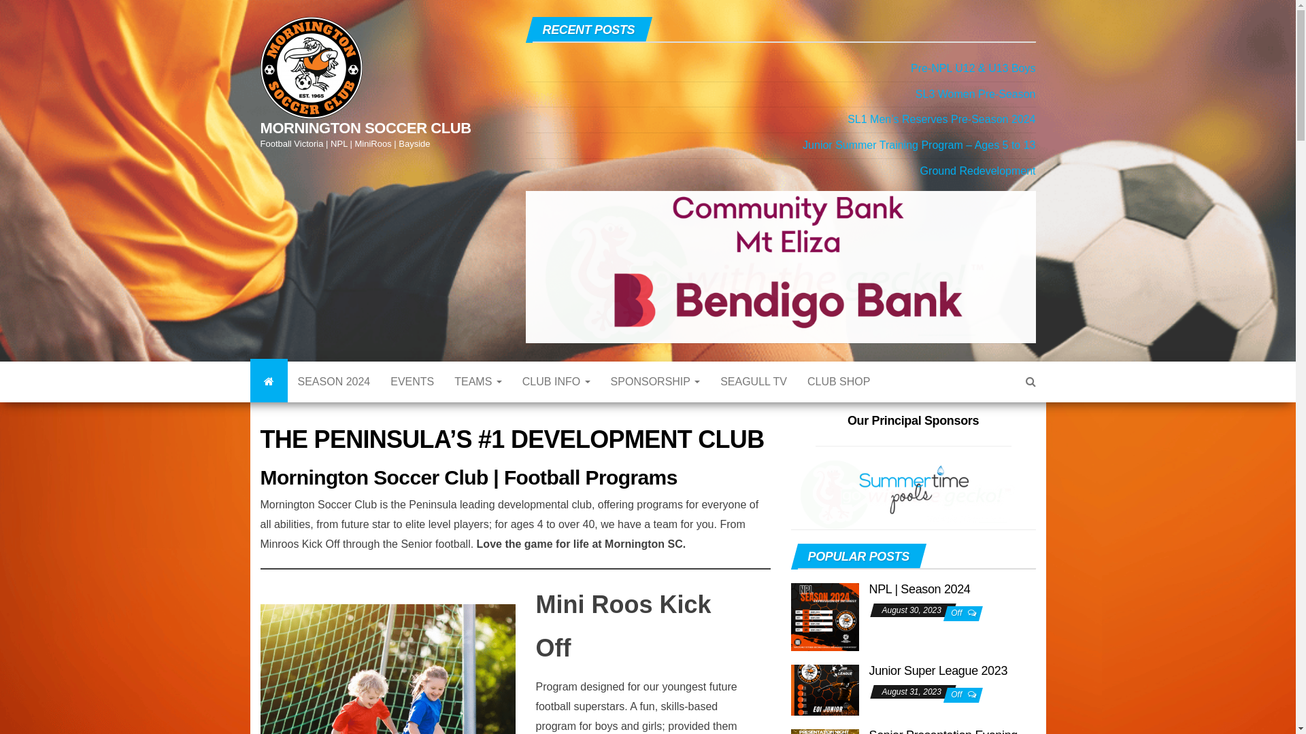 This screenshot has width=1306, height=734. Describe the element at coordinates (269, 400) in the screenshot. I see `'MORNINGTON SOCCER CLUB'` at that location.